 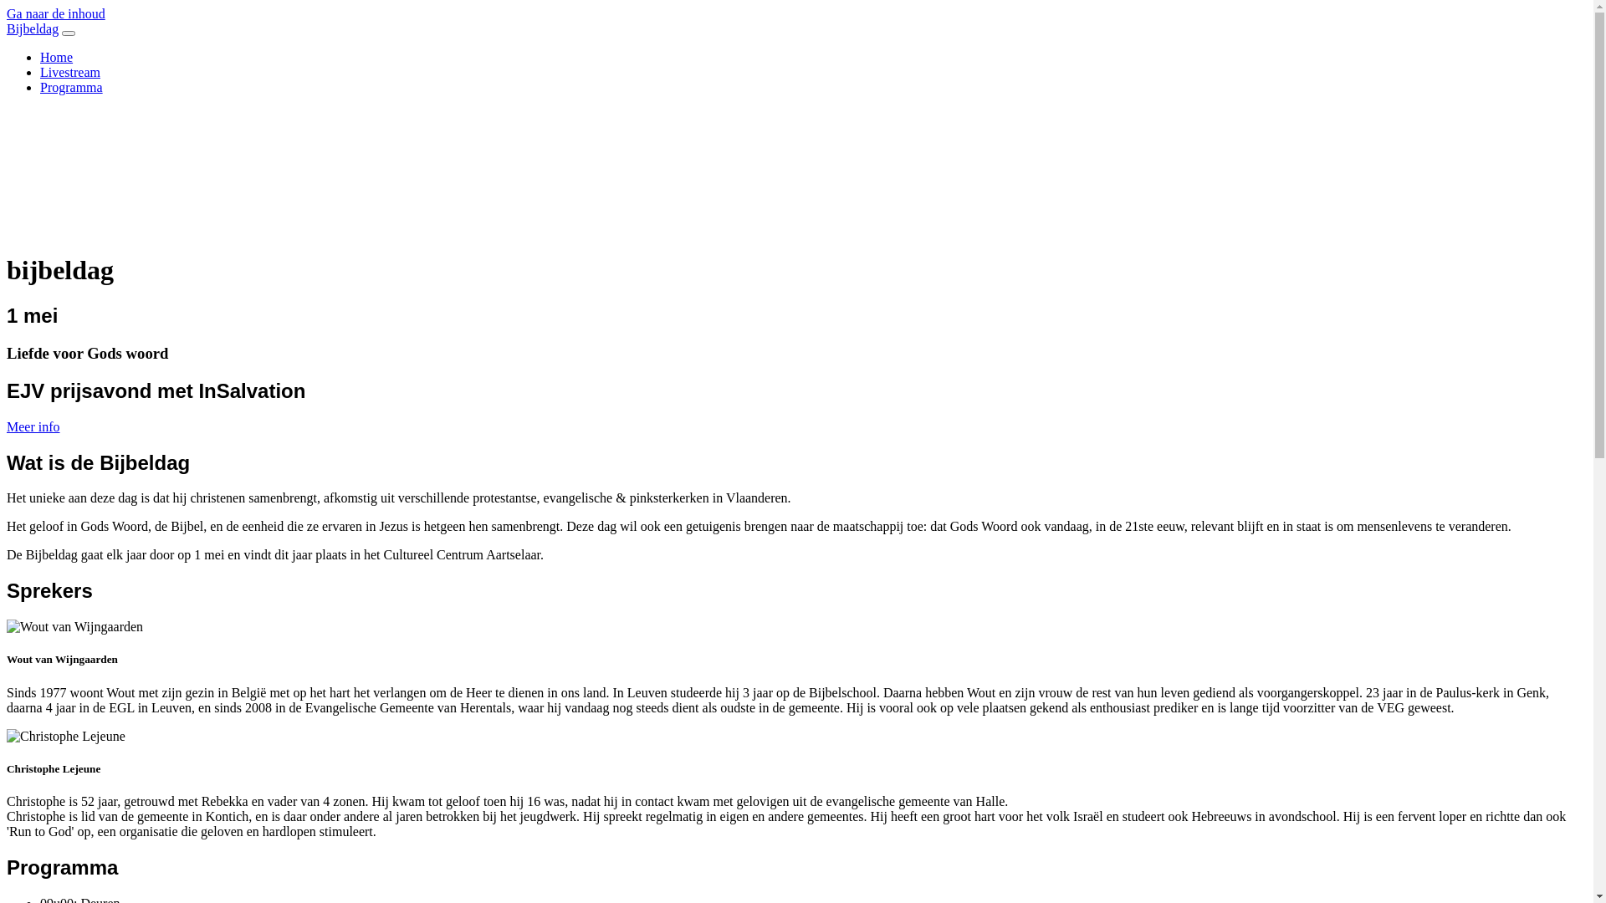 I want to click on 'Livestream', so click(x=69, y=71).